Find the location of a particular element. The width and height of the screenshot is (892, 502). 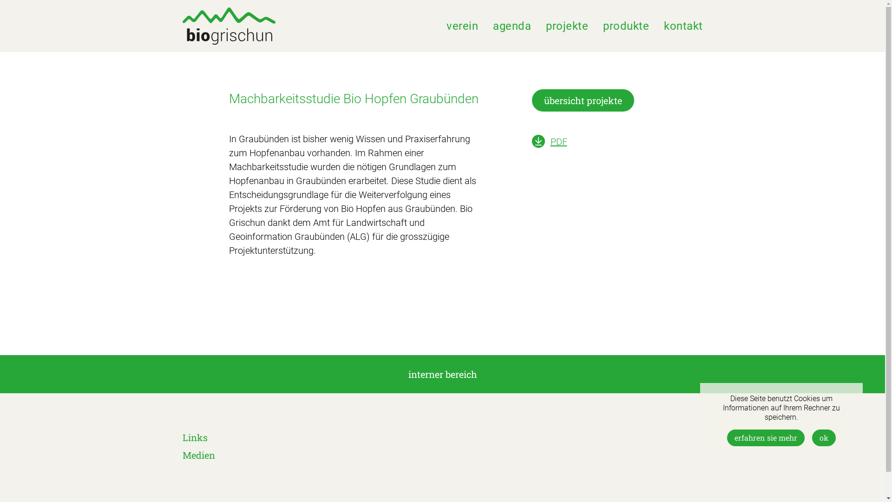

'PDF' is located at coordinates (557, 141).